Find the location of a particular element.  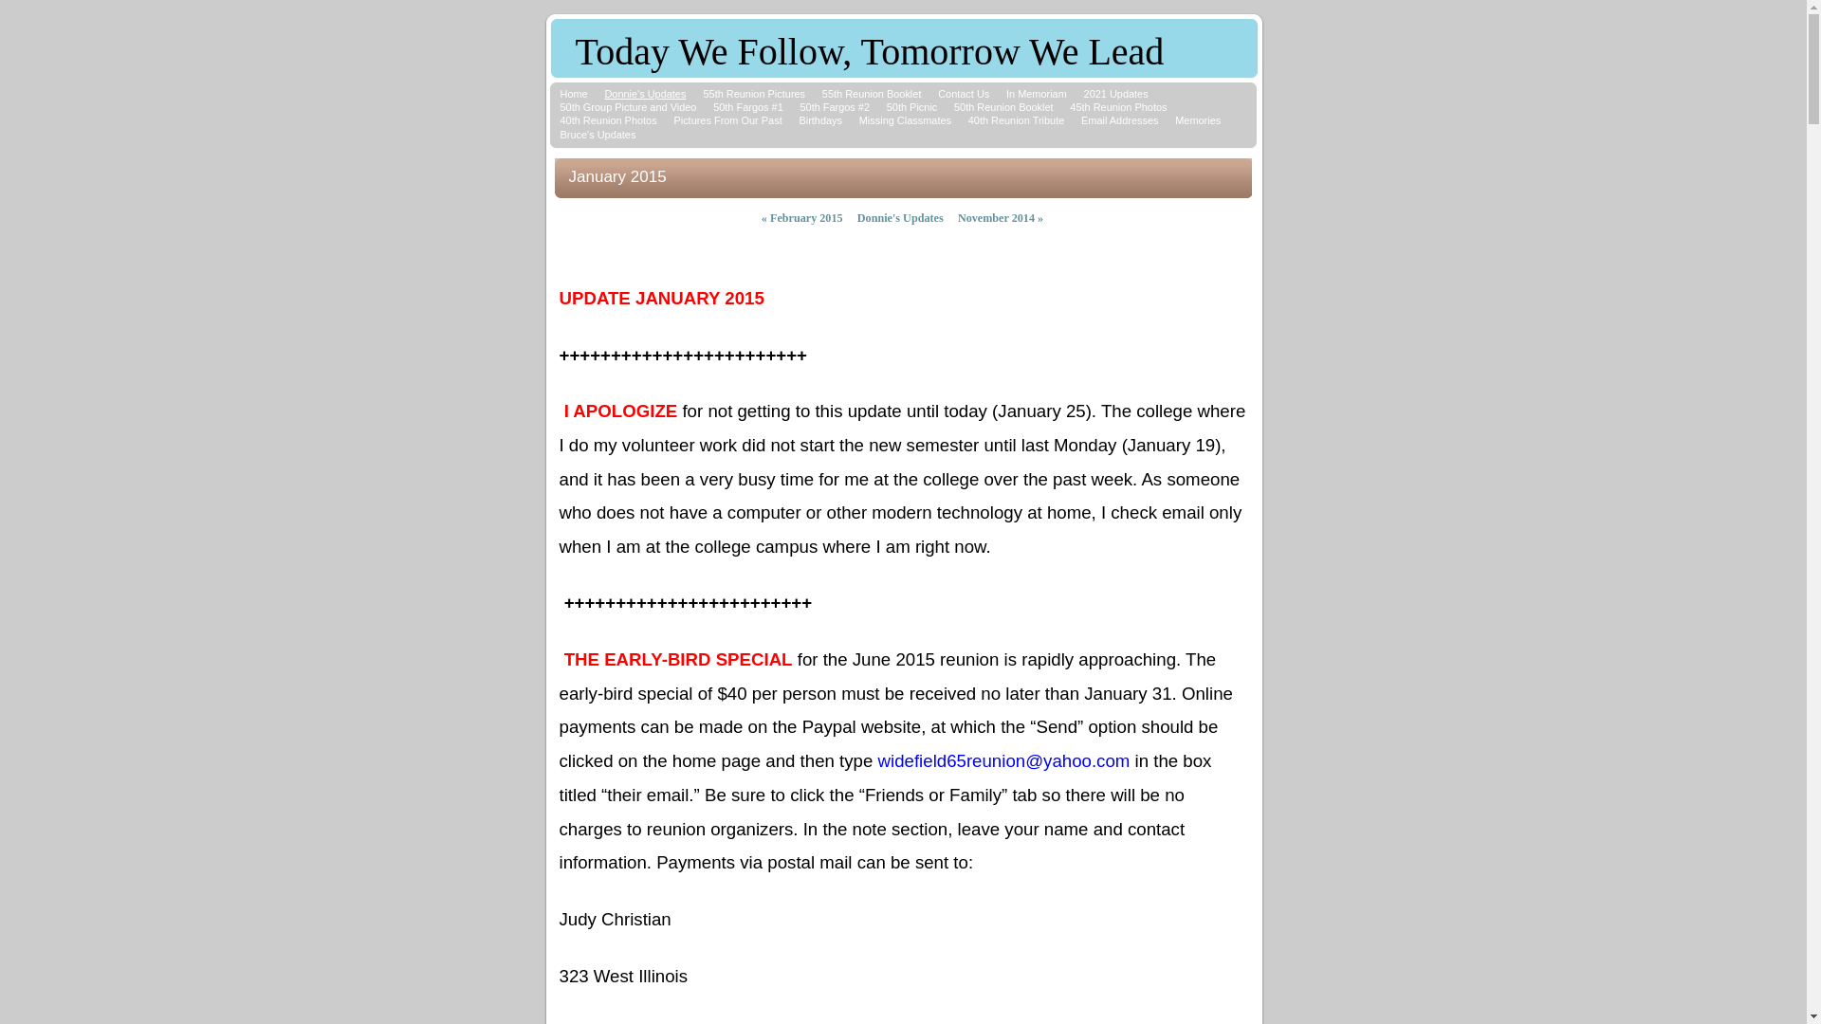

'50th Reunion Booklet' is located at coordinates (954, 106).